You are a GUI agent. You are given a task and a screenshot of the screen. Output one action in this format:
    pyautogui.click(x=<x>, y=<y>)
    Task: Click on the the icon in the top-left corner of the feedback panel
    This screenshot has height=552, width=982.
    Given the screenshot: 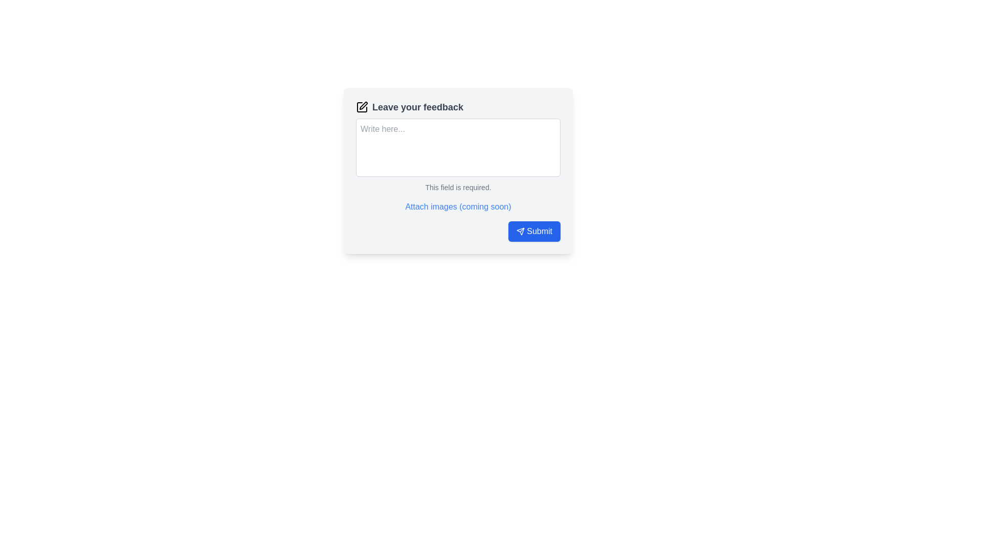 What is the action you would take?
    pyautogui.click(x=362, y=107)
    